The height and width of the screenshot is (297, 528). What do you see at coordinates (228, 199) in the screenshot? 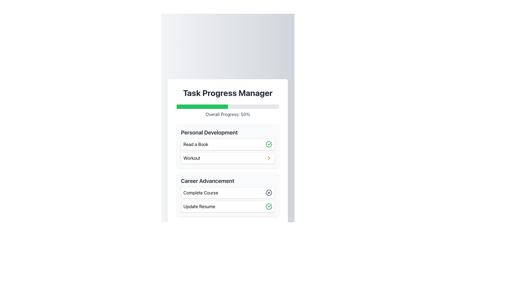
I see `the individual items within the 'Career Advancement' section, specifically on the 'Complete Course' and 'Update Resume' items, which are styled as bordered and shadowed rectangles` at bounding box center [228, 199].